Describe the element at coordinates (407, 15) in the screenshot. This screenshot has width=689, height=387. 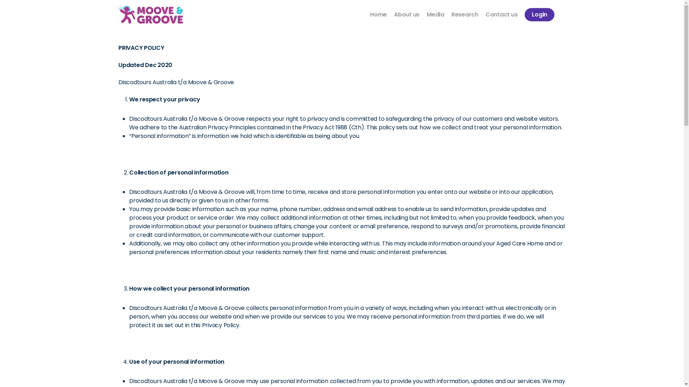
I see `'About us'` at that location.